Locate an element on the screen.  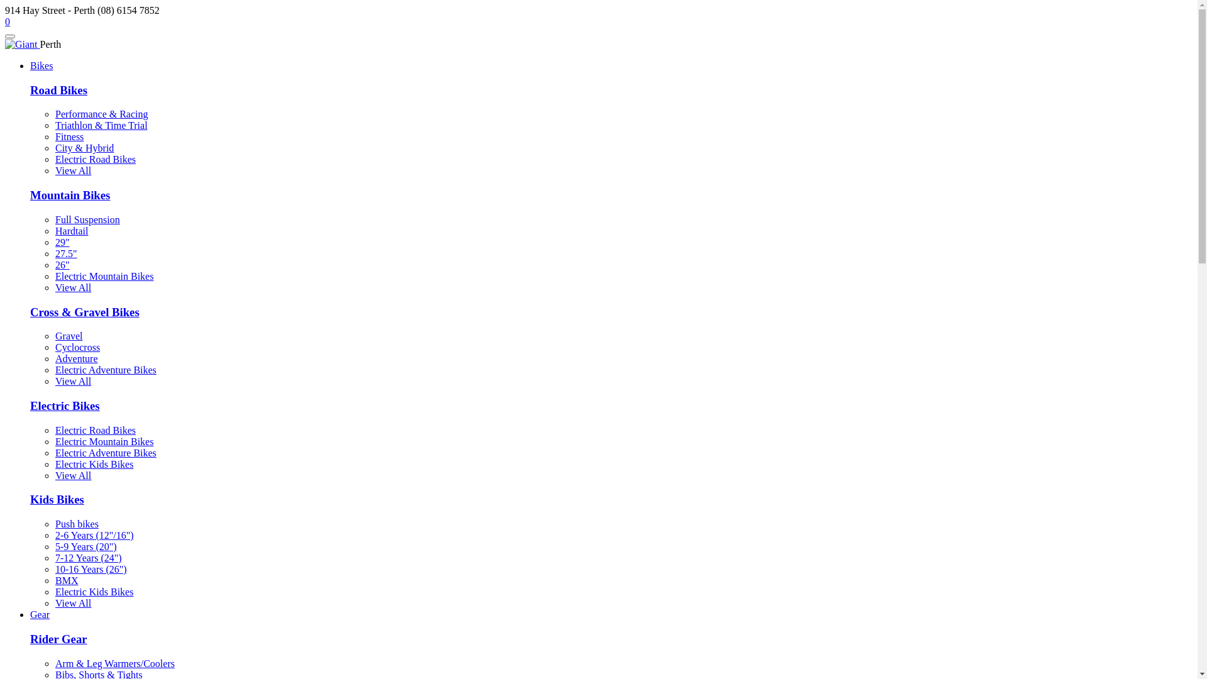
'5-9 Years (20")' is located at coordinates (85, 546).